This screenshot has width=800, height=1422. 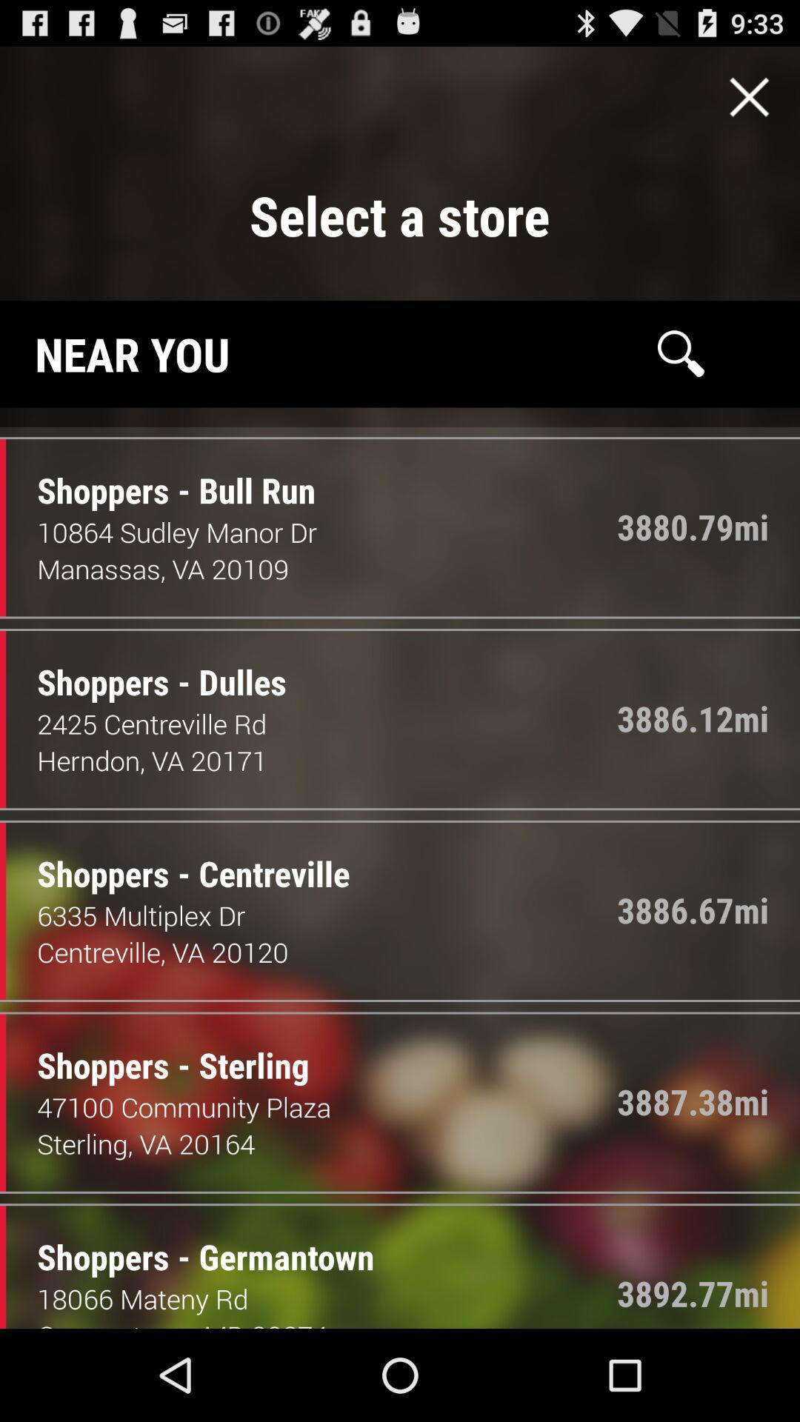 I want to click on search for store, so click(x=681, y=353).